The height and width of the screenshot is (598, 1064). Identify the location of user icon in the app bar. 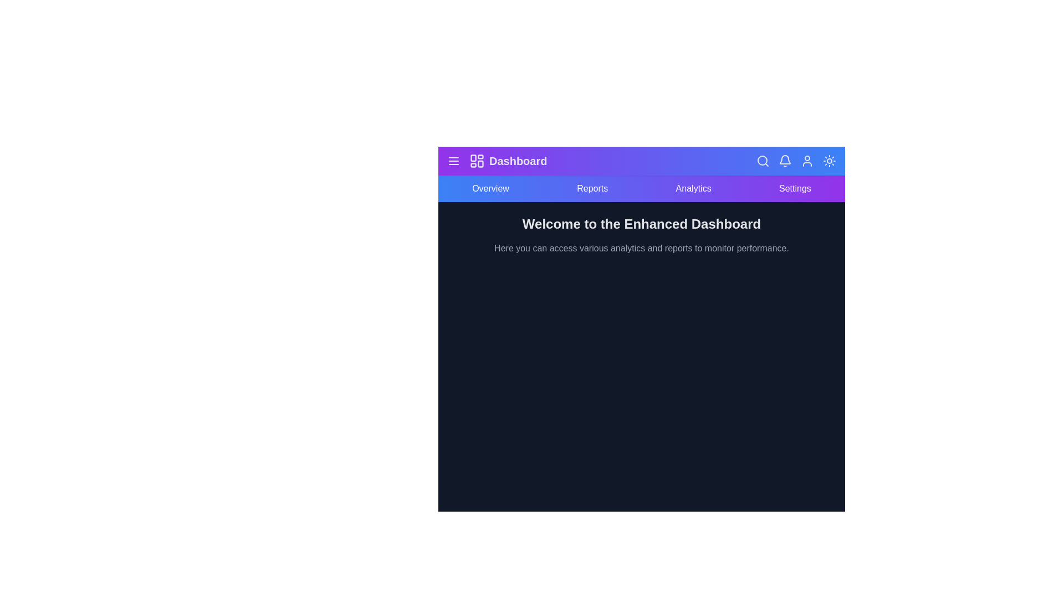
(807, 161).